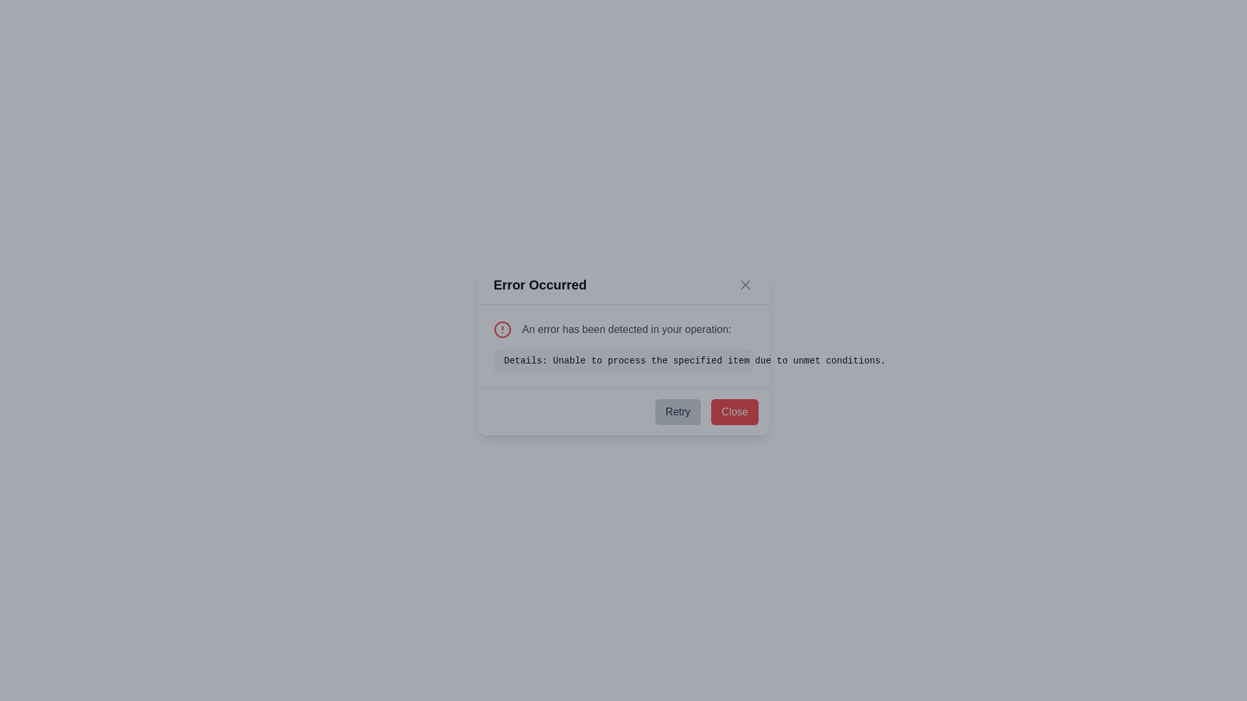 The image size is (1247, 701). What do you see at coordinates (745, 284) in the screenshot?
I see `the 'X' icon in the top-right corner of the dialog box to close the dialog` at bounding box center [745, 284].